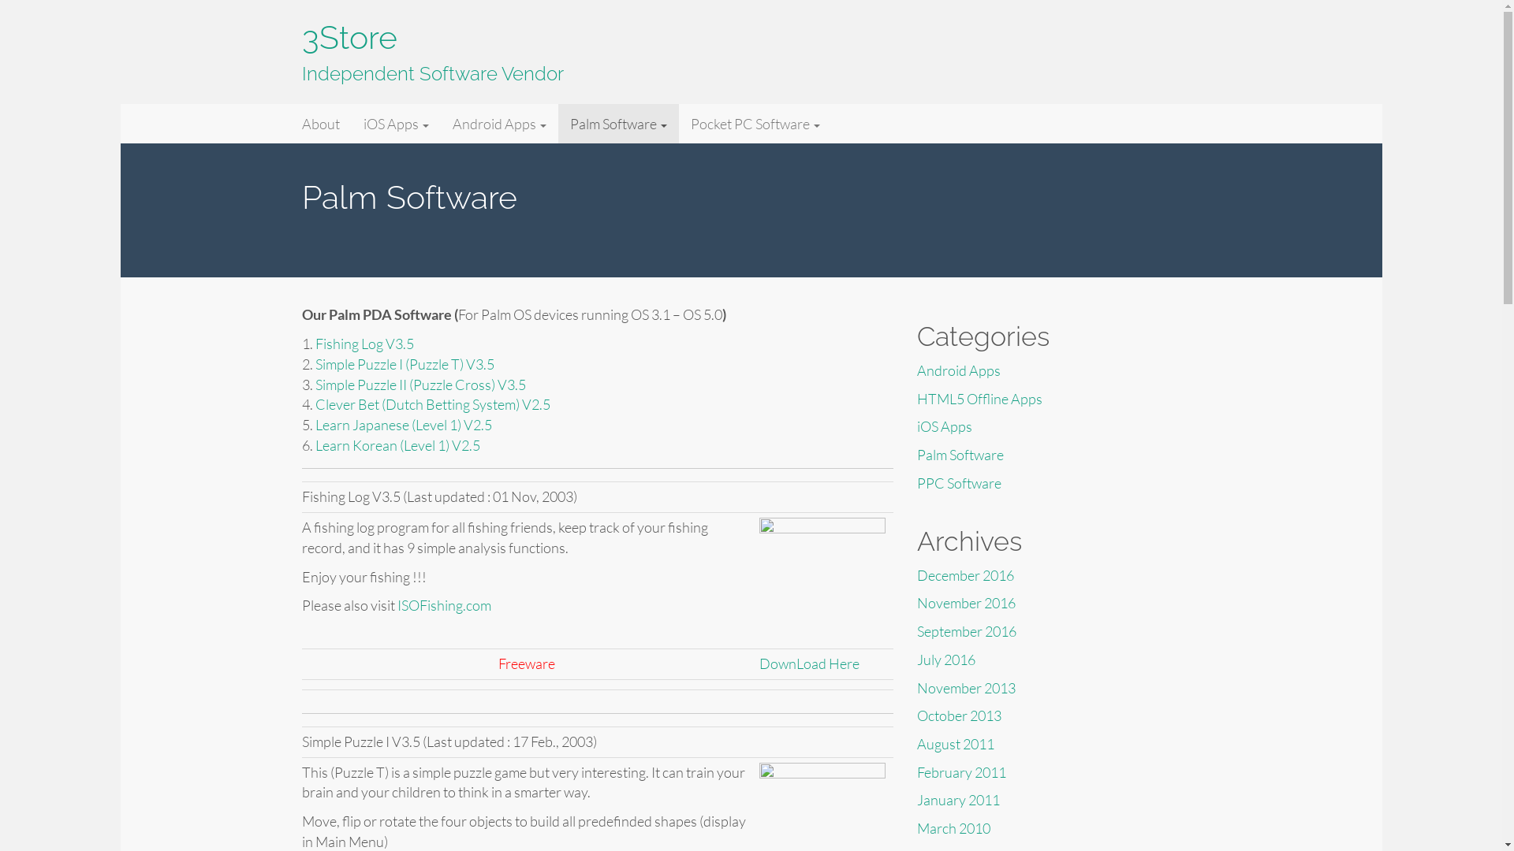 The height and width of the screenshot is (851, 1514). What do you see at coordinates (320, 123) in the screenshot?
I see `'About'` at bounding box center [320, 123].